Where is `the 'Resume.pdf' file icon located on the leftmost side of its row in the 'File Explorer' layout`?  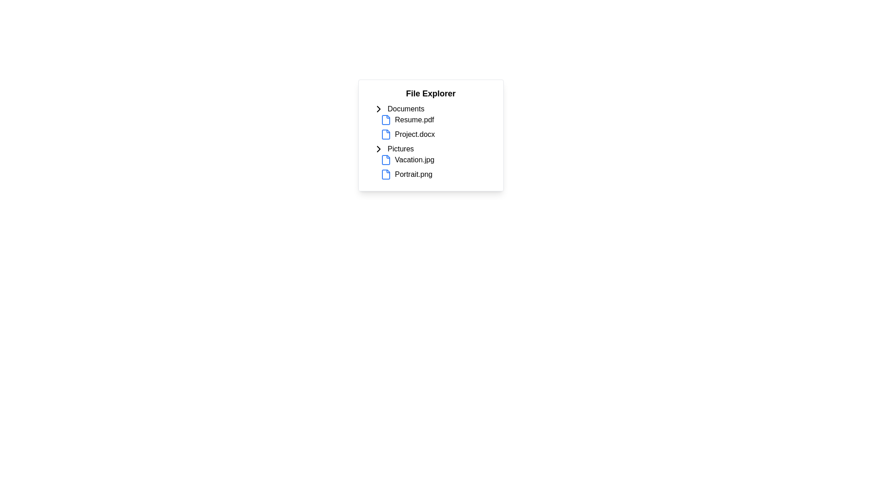
the 'Resume.pdf' file icon located on the leftmost side of its row in the 'File Explorer' layout is located at coordinates (386, 119).